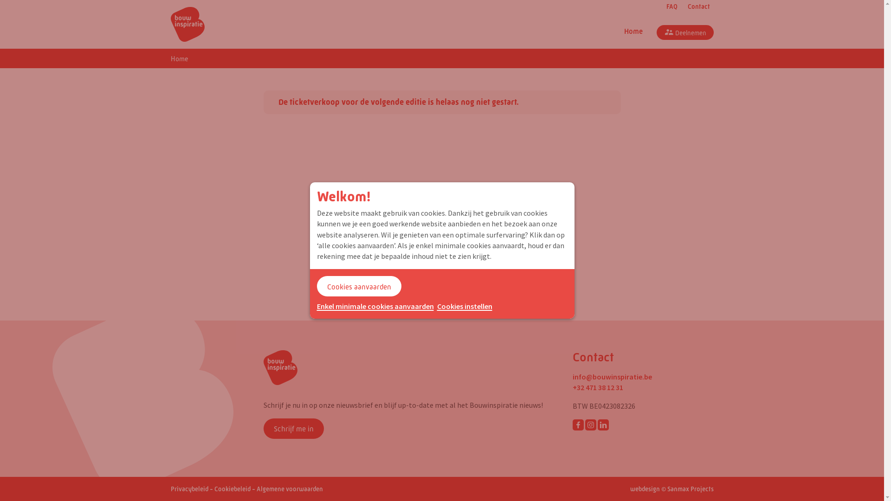 Image resolution: width=891 pixels, height=501 pixels. Describe the element at coordinates (289, 488) in the screenshot. I see `'Algemene voorwaarden'` at that location.